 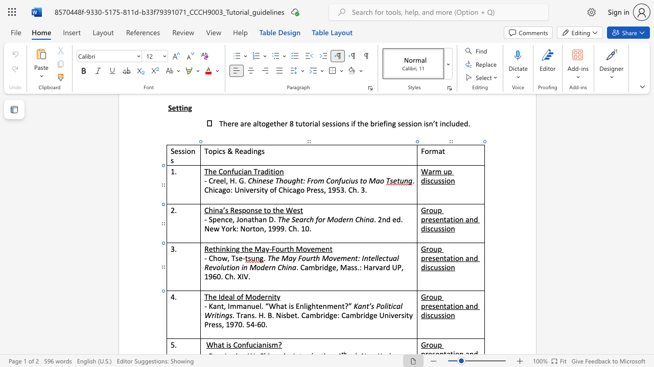 What do you see at coordinates (437, 257) in the screenshot?
I see `the 2th character "e" in the text` at bounding box center [437, 257].